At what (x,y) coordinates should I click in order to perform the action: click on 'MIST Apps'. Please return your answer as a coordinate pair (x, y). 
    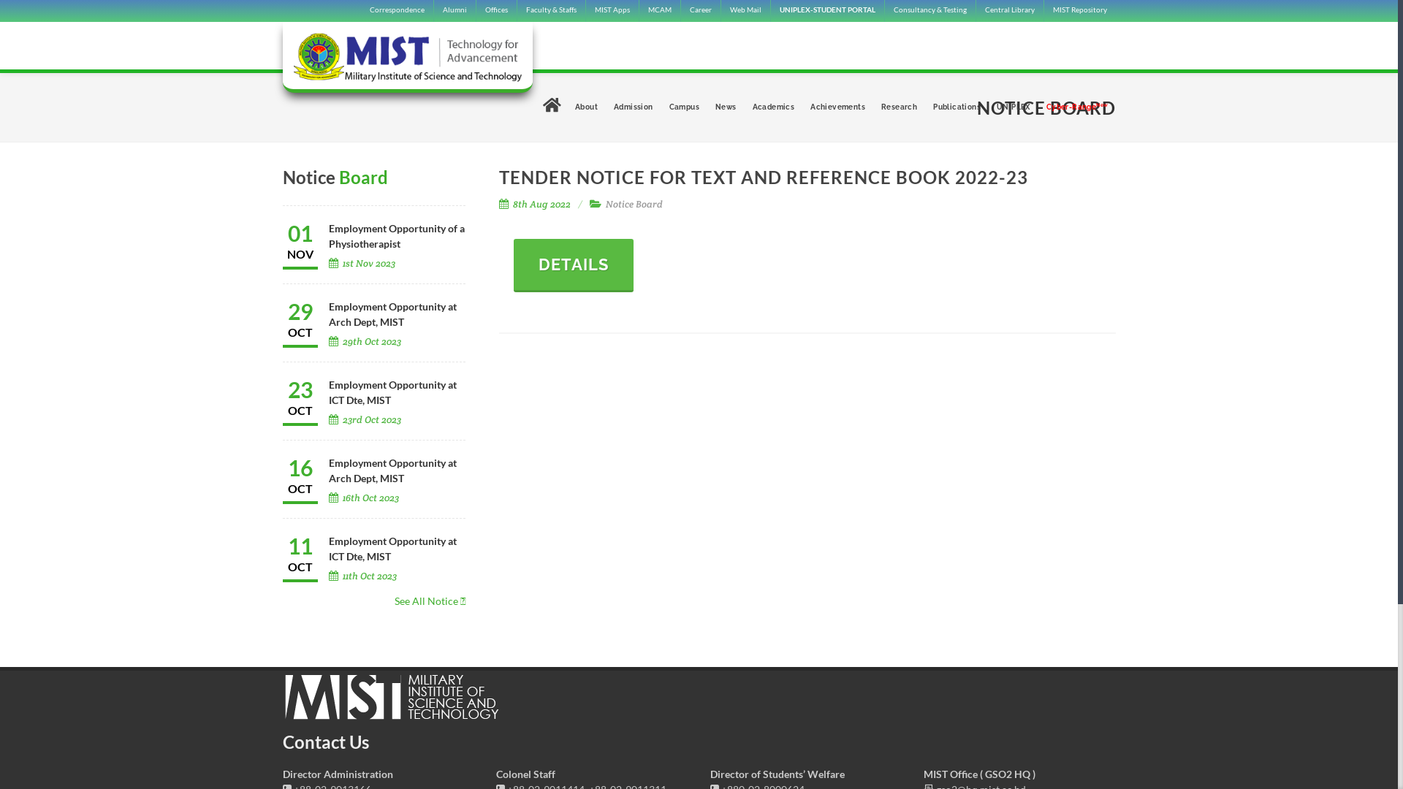
    Looking at the image, I should click on (612, 11).